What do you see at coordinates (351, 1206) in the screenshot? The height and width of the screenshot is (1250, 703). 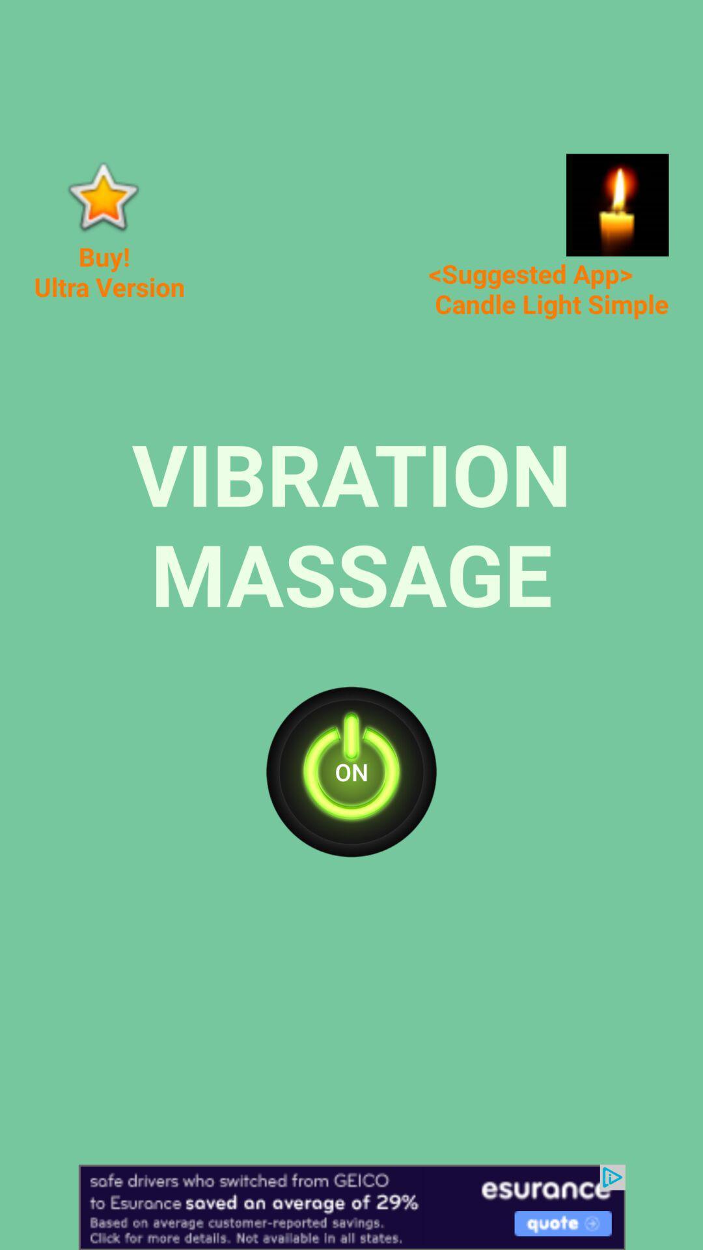 I see `opens advertisement` at bounding box center [351, 1206].